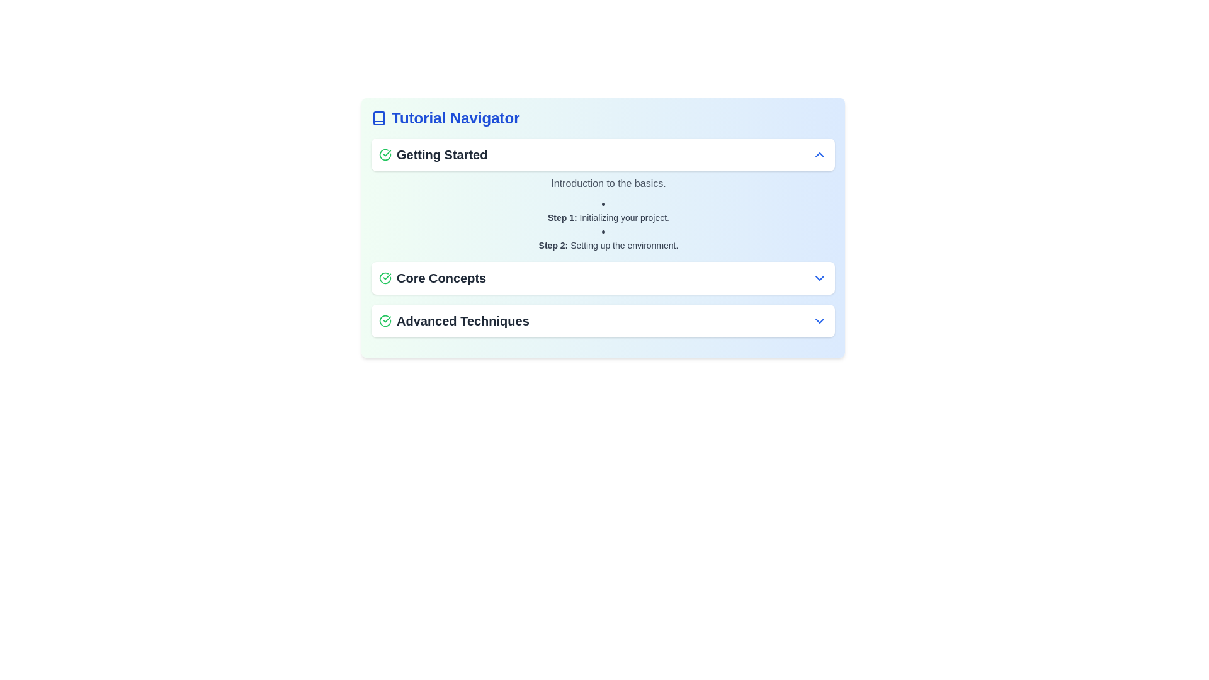 The width and height of the screenshot is (1209, 680). What do you see at coordinates (384, 154) in the screenshot?
I see `the green circular Status indicator icon with a tick mark that indicates success, located at the start of the text 'Getting Started'` at bounding box center [384, 154].